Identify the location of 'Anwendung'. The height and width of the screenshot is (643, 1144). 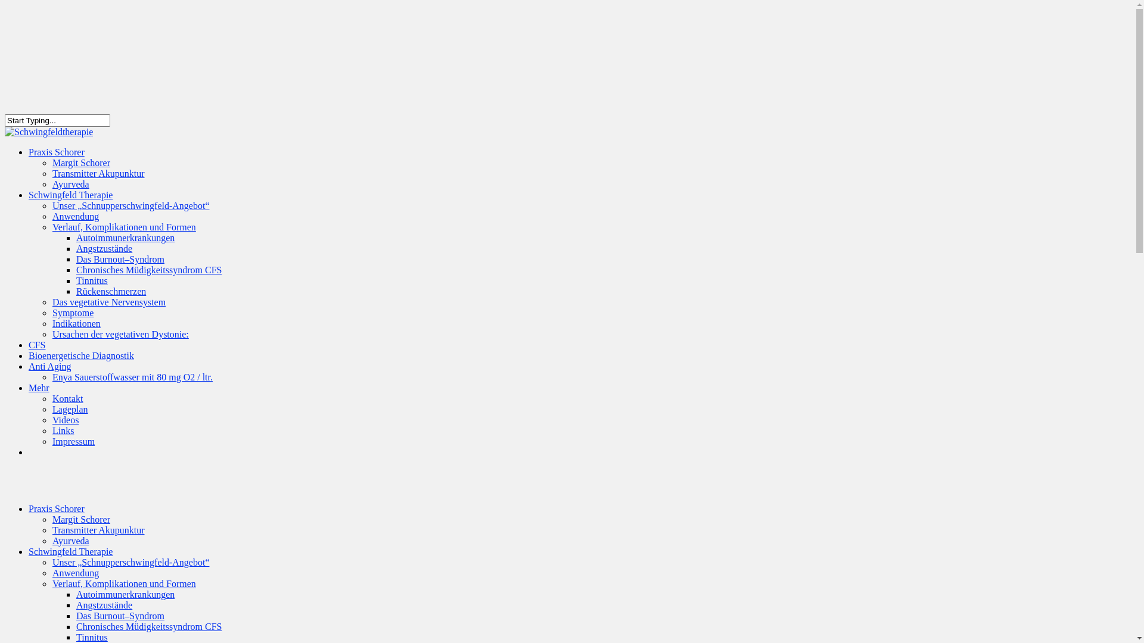
(74, 216).